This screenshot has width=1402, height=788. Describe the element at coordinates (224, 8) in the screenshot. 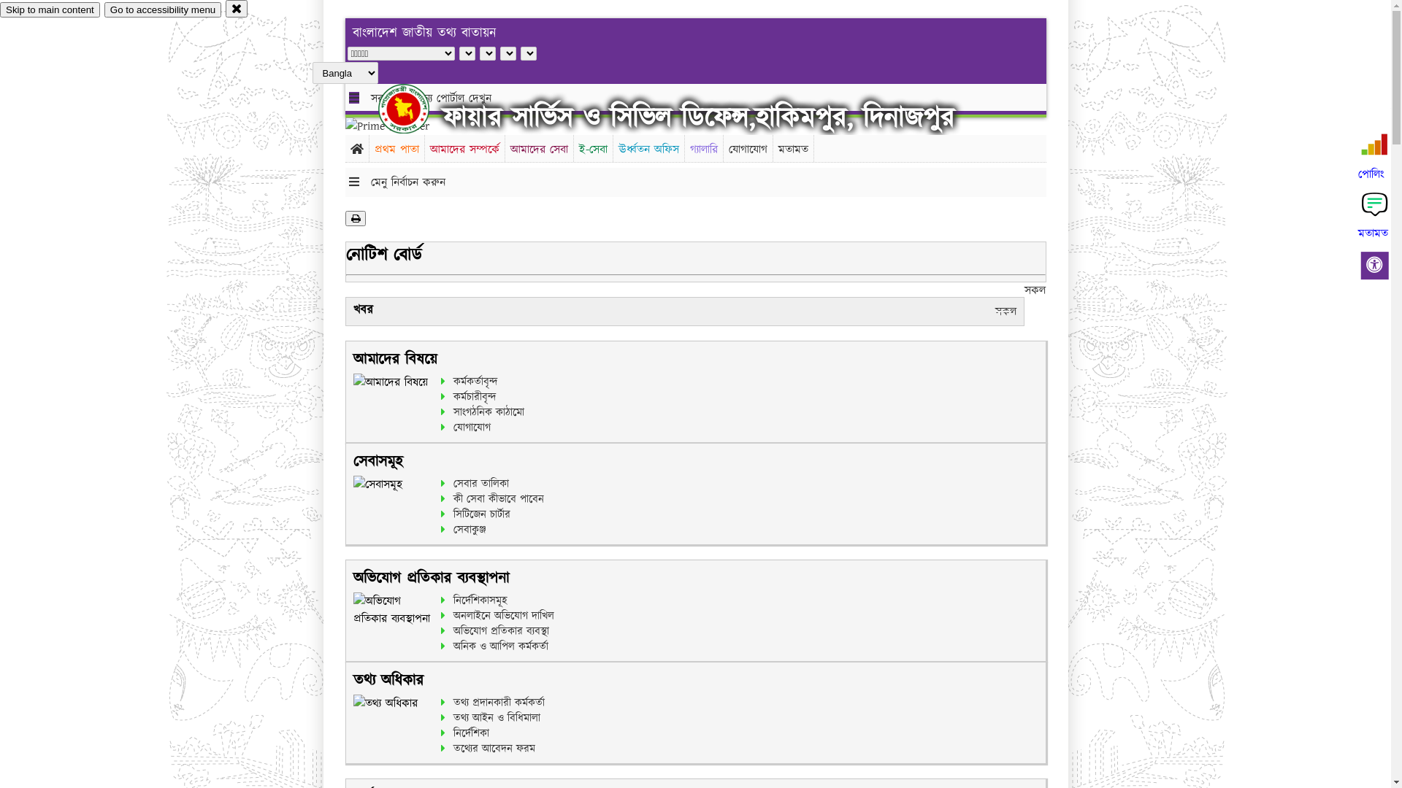

I see `'close'` at that location.